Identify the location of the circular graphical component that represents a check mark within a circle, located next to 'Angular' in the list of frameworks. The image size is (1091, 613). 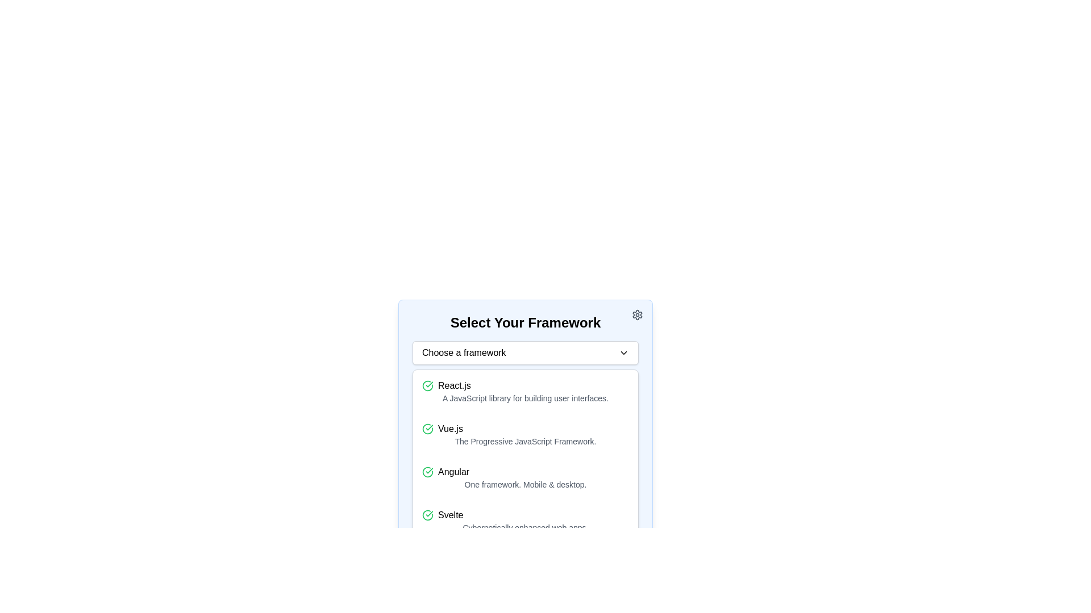
(427, 472).